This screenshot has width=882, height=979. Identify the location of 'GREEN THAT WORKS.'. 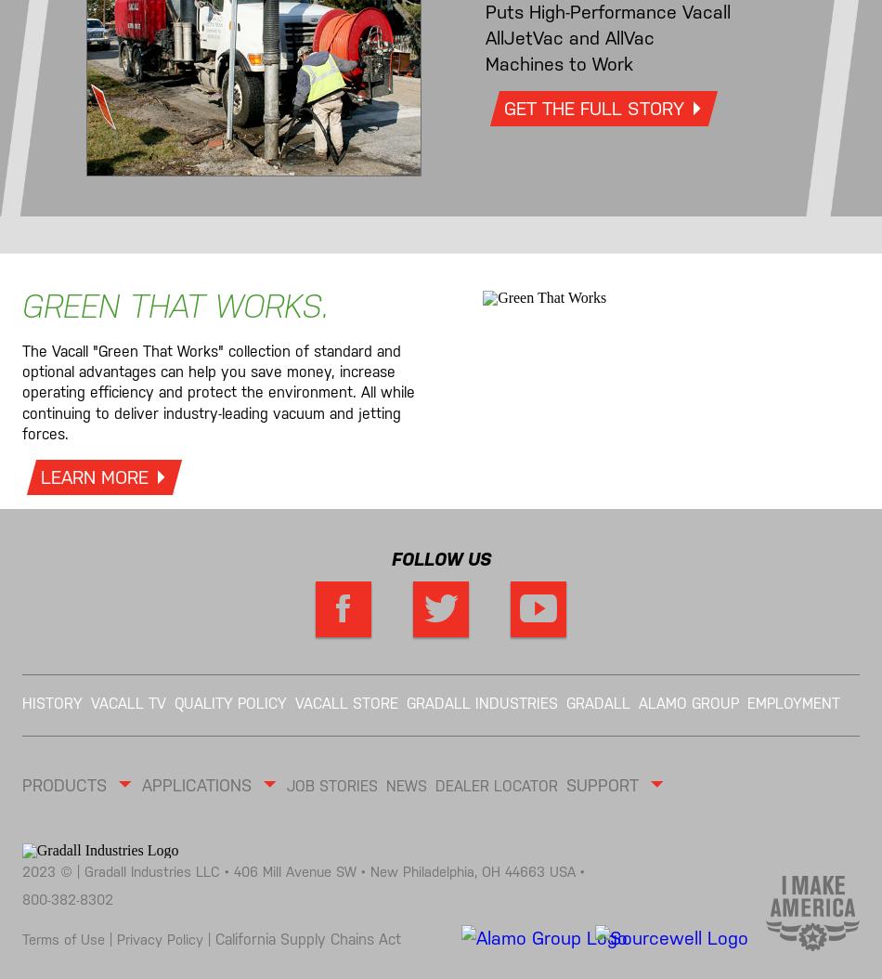
(175, 305).